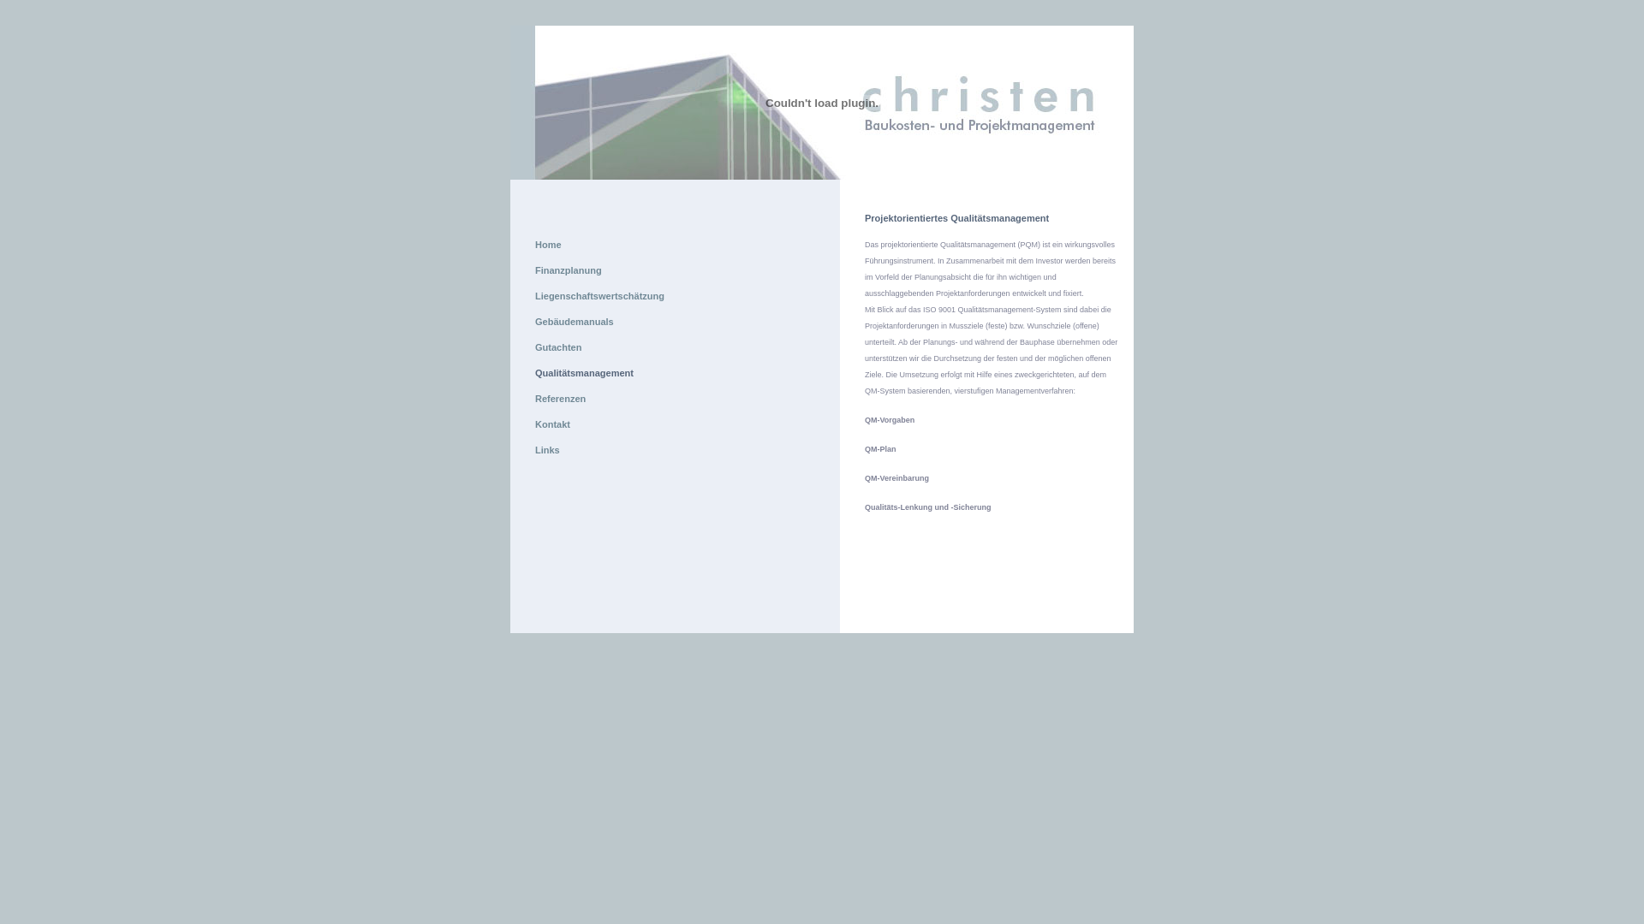  I want to click on 'Links', so click(546, 448).